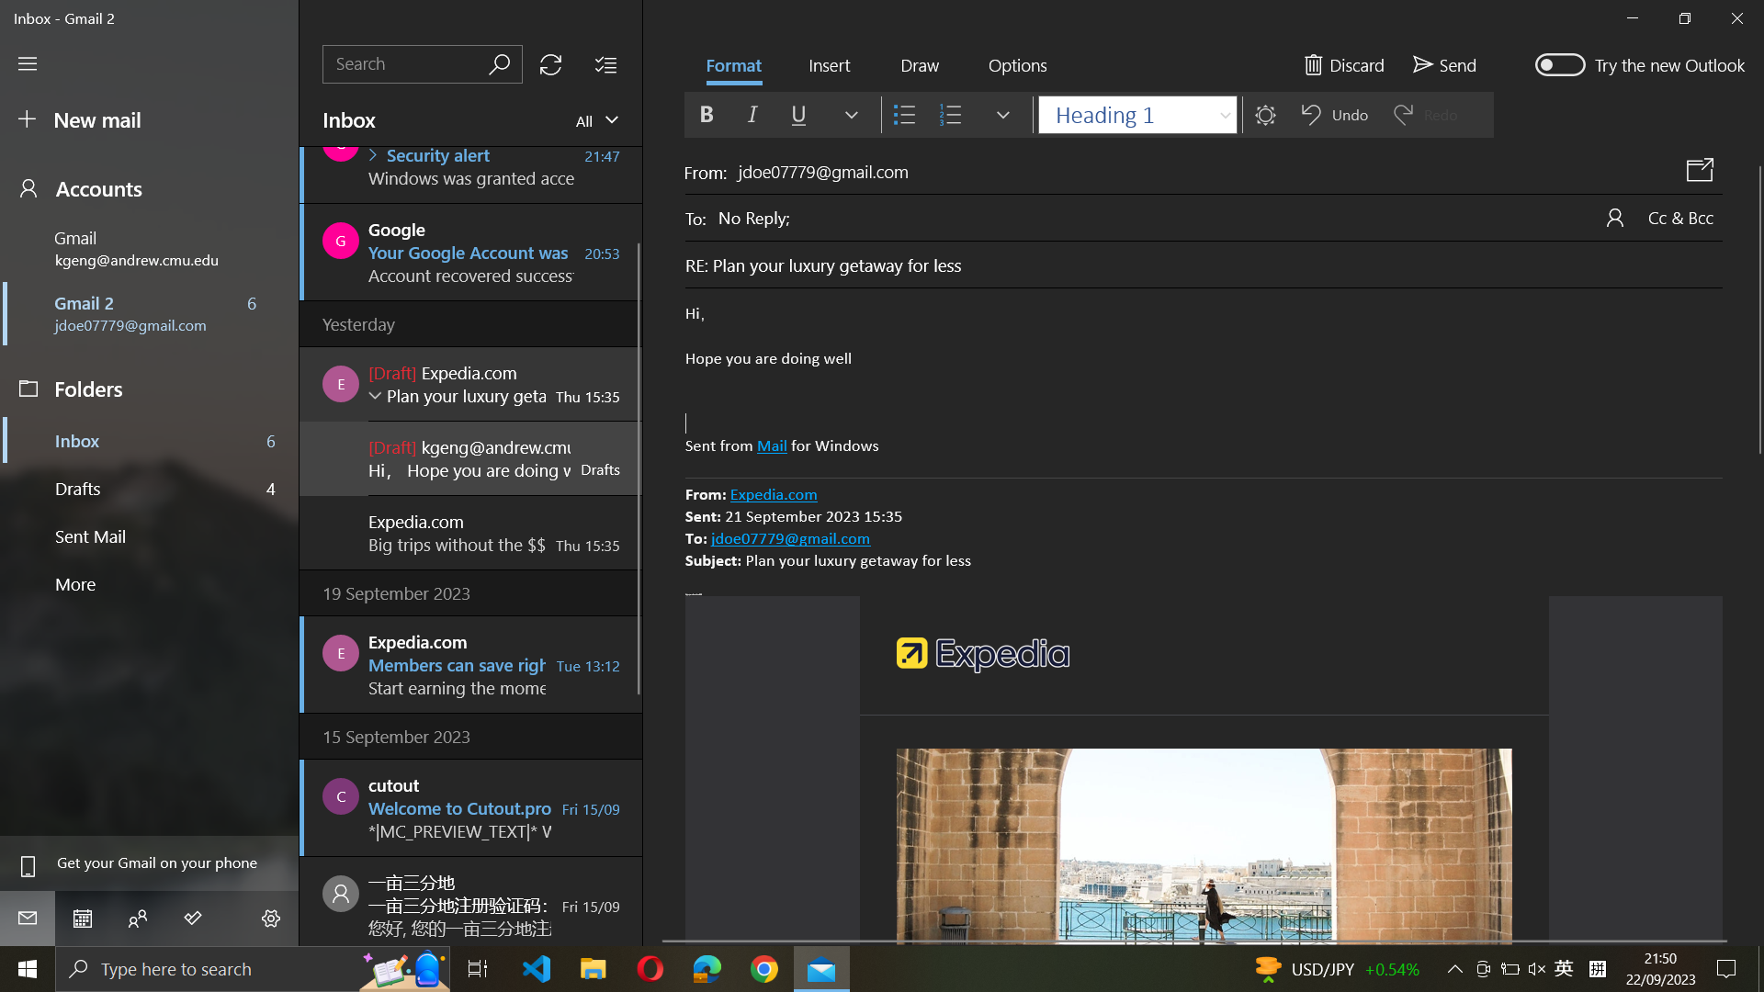 The image size is (1764, 992). I want to click on Change the current font to Arial, so click(1135, 113).